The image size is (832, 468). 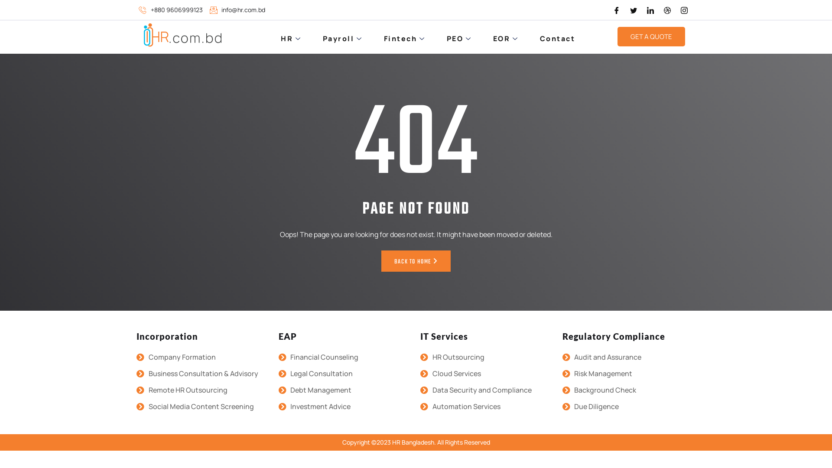 What do you see at coordinates (344, 389) in the screenshot?
I see `'Debt Management'` at bounding box center [344, 389].